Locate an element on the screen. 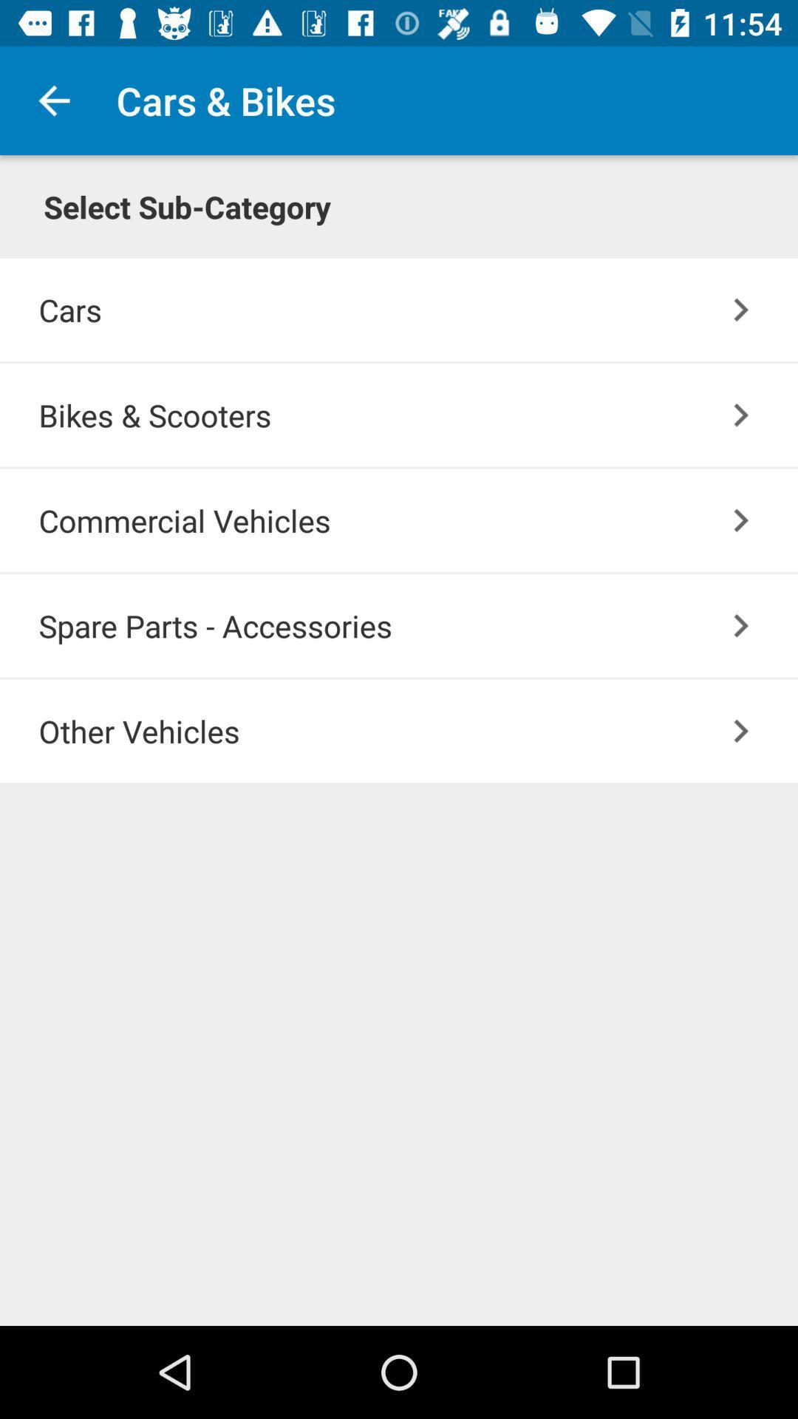 The image size is (798, 1419). commercial vehicles item is located at coordinates (418, 520).